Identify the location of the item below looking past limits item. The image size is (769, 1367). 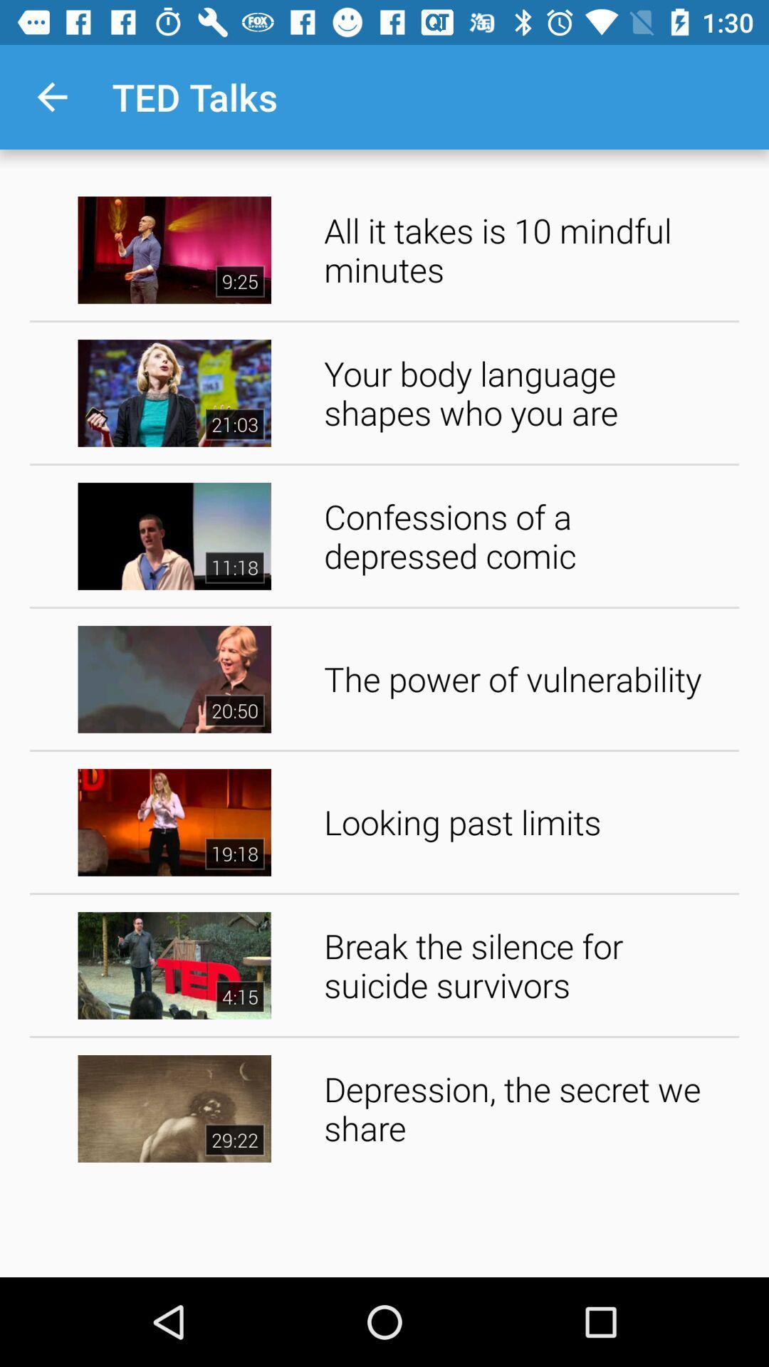
(526, 965).